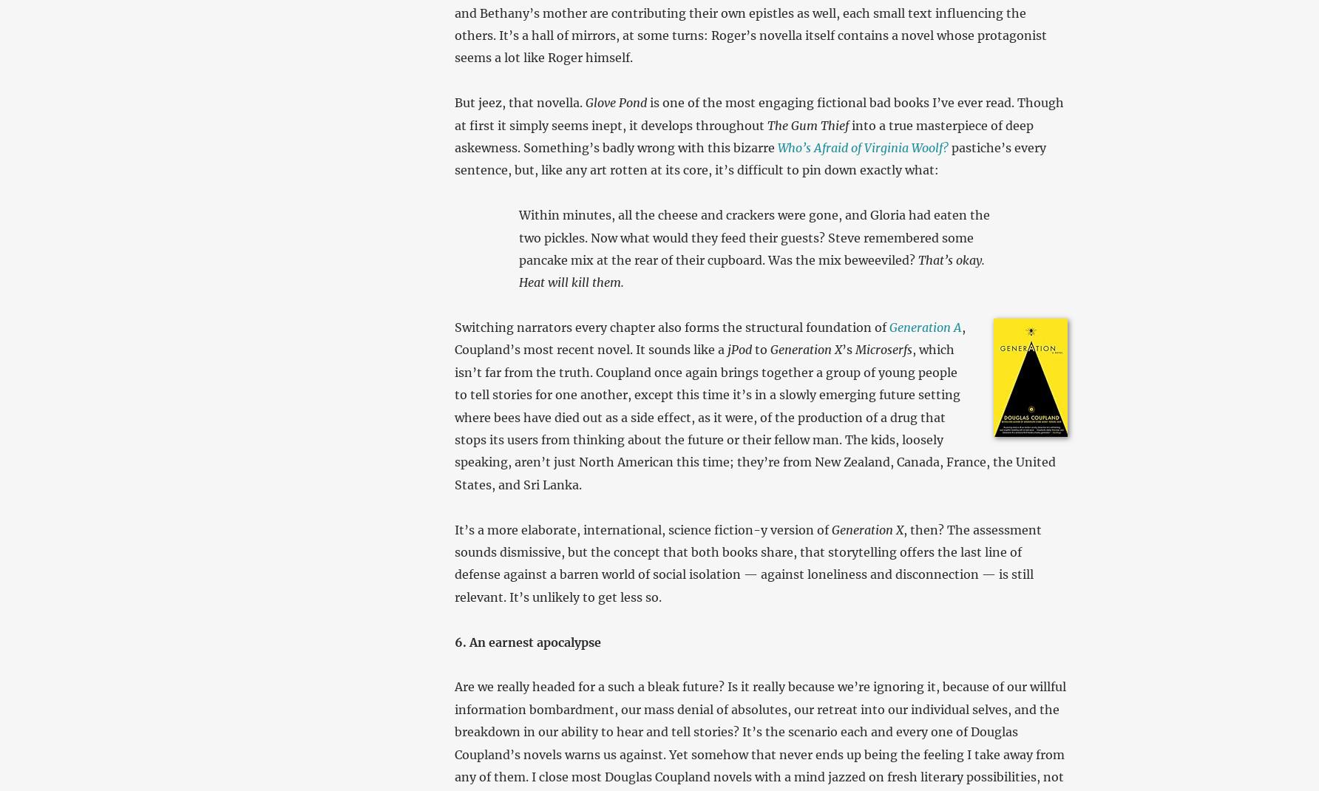  I want to click on 'is one of the most engaging fictional bad books I’ve ever read. Though at first it simply seems inept, it develops throughout', so click(757, 113).